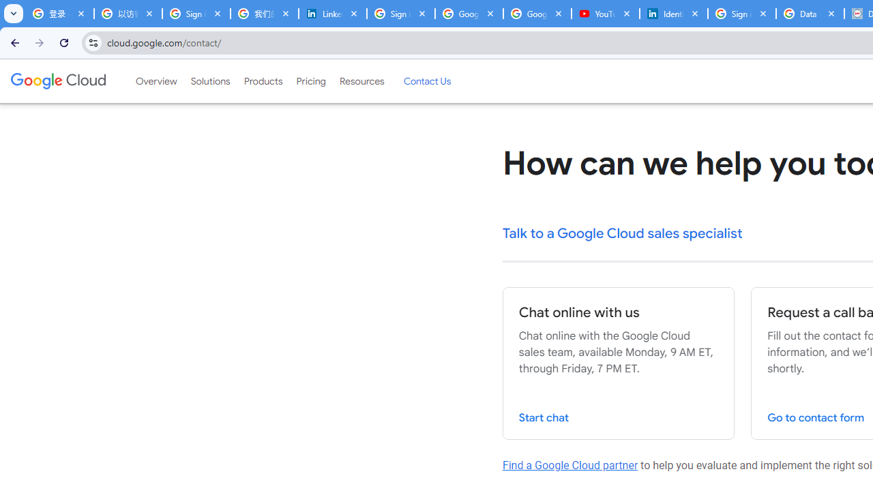 The width and height of the screenshot is (873, 491). Describe the element at coordinates (569, 464) in the screenshot. I see `'Find a Google Cloud partner'` at that location.